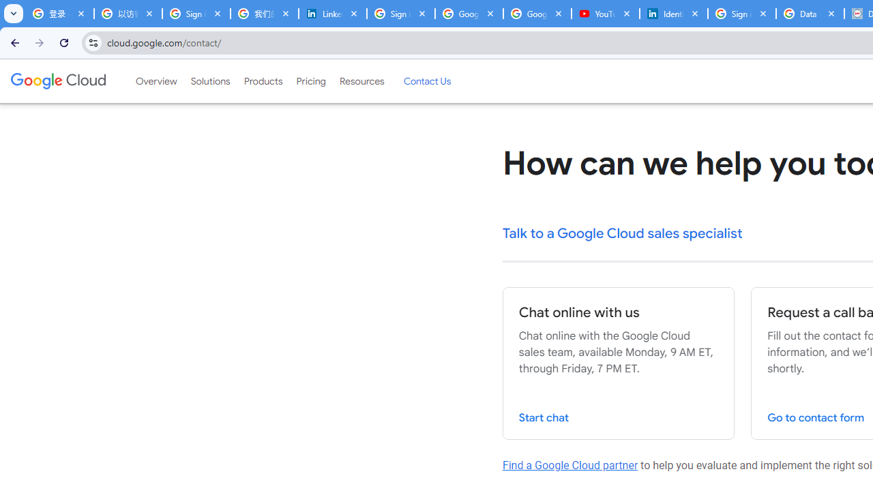 The width and height of the screenshot is (873, 491). Describe the element at coordinates (569, 464) in the screenshot. I see `'Find a Google Cloud partner'` at that location.